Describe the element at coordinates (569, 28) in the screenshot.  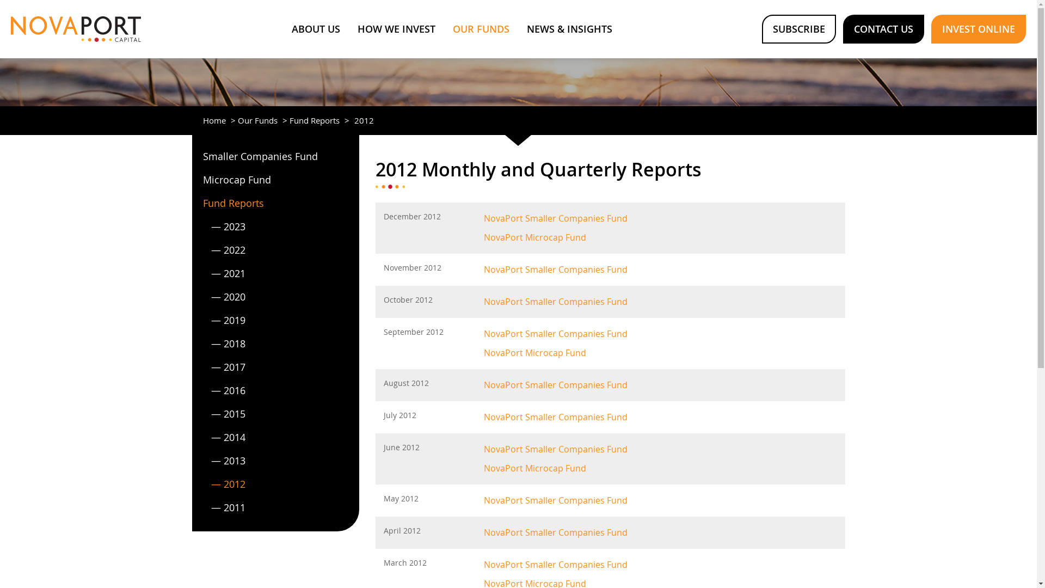
I see `'NEWS & INSIGHTS'` at that location.